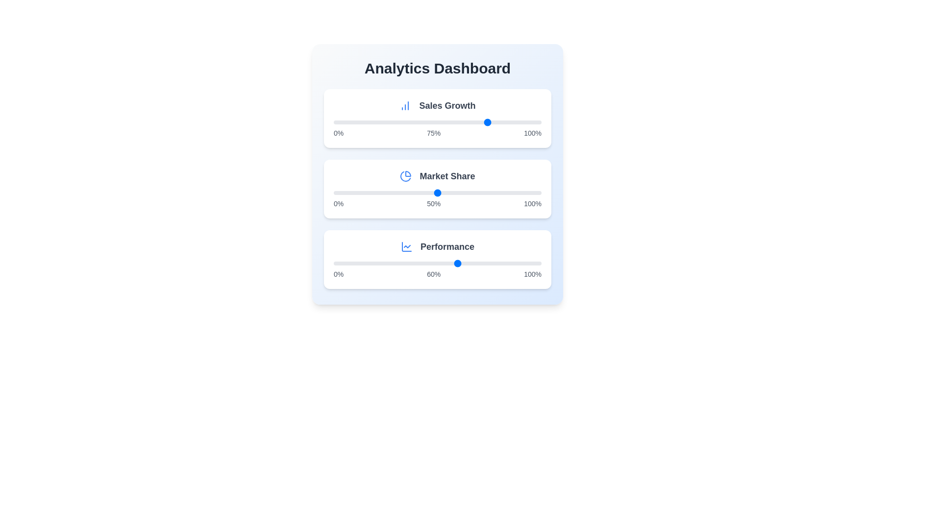 Image resolution: width=941 pixels, height=529 pixels. What do you see at coordinates (520, 192) in the screenshot?
I see `the slider for 'Market Share' to set its value to 90` at bounding box center [520, 192].